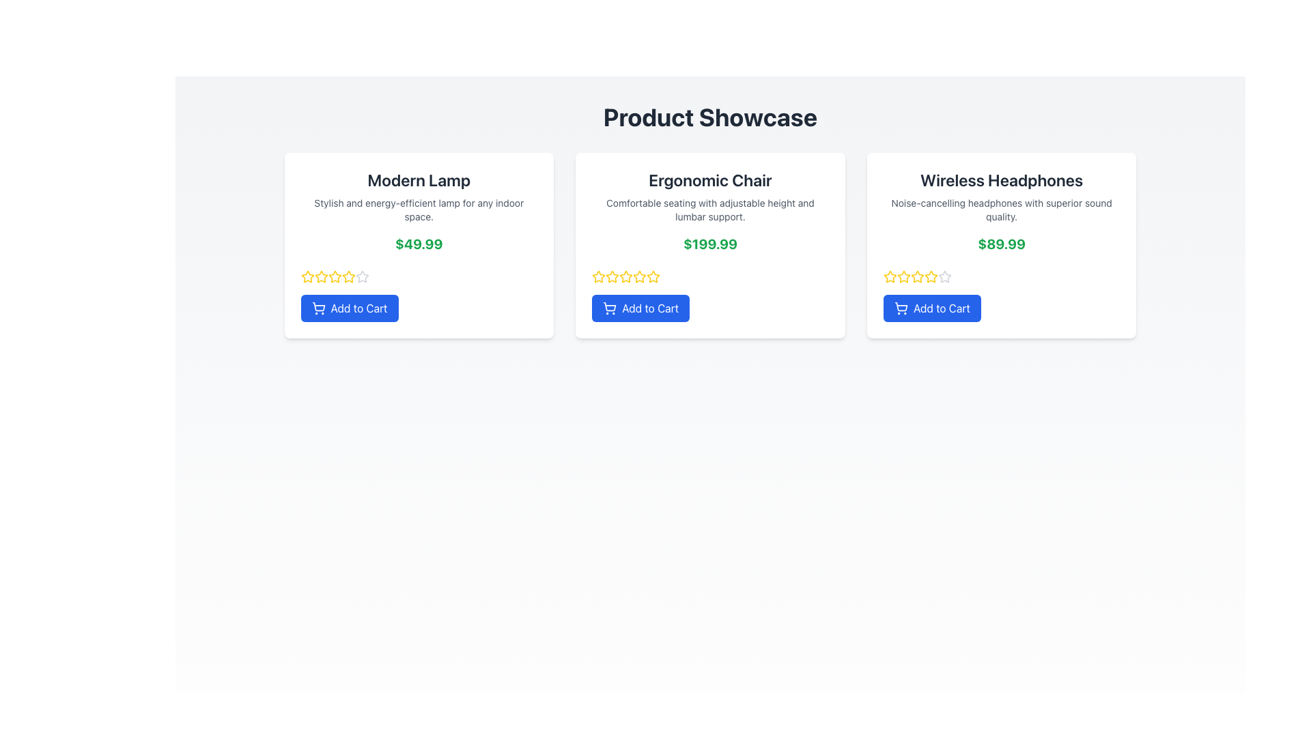 This screenshot has height=737, width=1311. What do you see at coordinates (931, 308) in the screenshot?
I see `the 'Add to Cart' button with a blue background and white text, located at the bottom of the 'Wireless Headphones' card` at bounding box center [931, 308].